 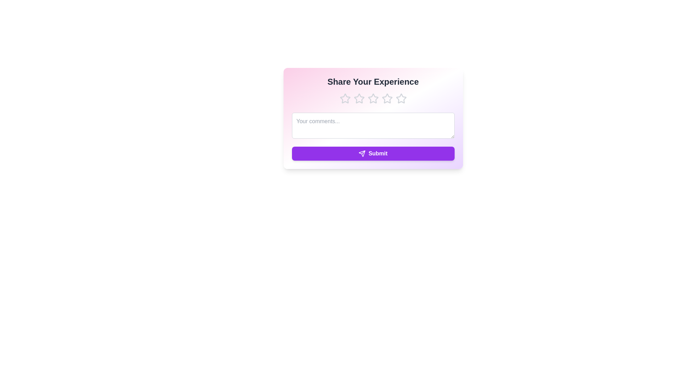 What do you see at coordinates (401, 98) in the screenshot?
I see `the fourth star in the five-star rating system` at bounding box center [401, 98].